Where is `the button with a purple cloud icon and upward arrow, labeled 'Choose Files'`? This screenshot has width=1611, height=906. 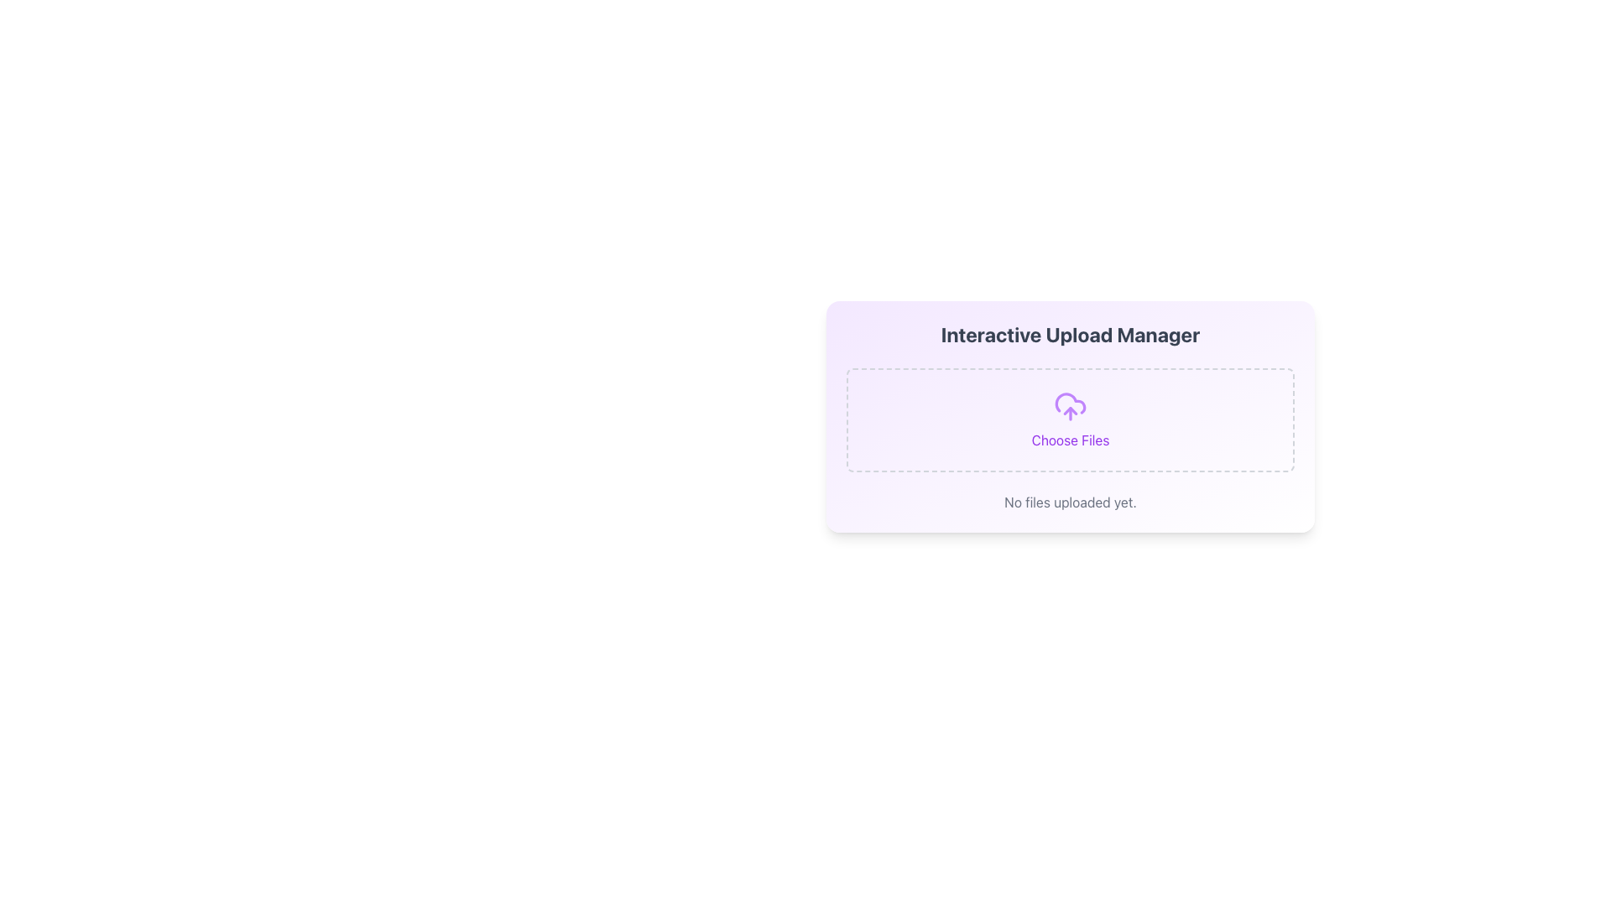 the button with a purple cloud icon and upward arrow, labeled 'Choose Files' is located at coordinates (1070, 419).